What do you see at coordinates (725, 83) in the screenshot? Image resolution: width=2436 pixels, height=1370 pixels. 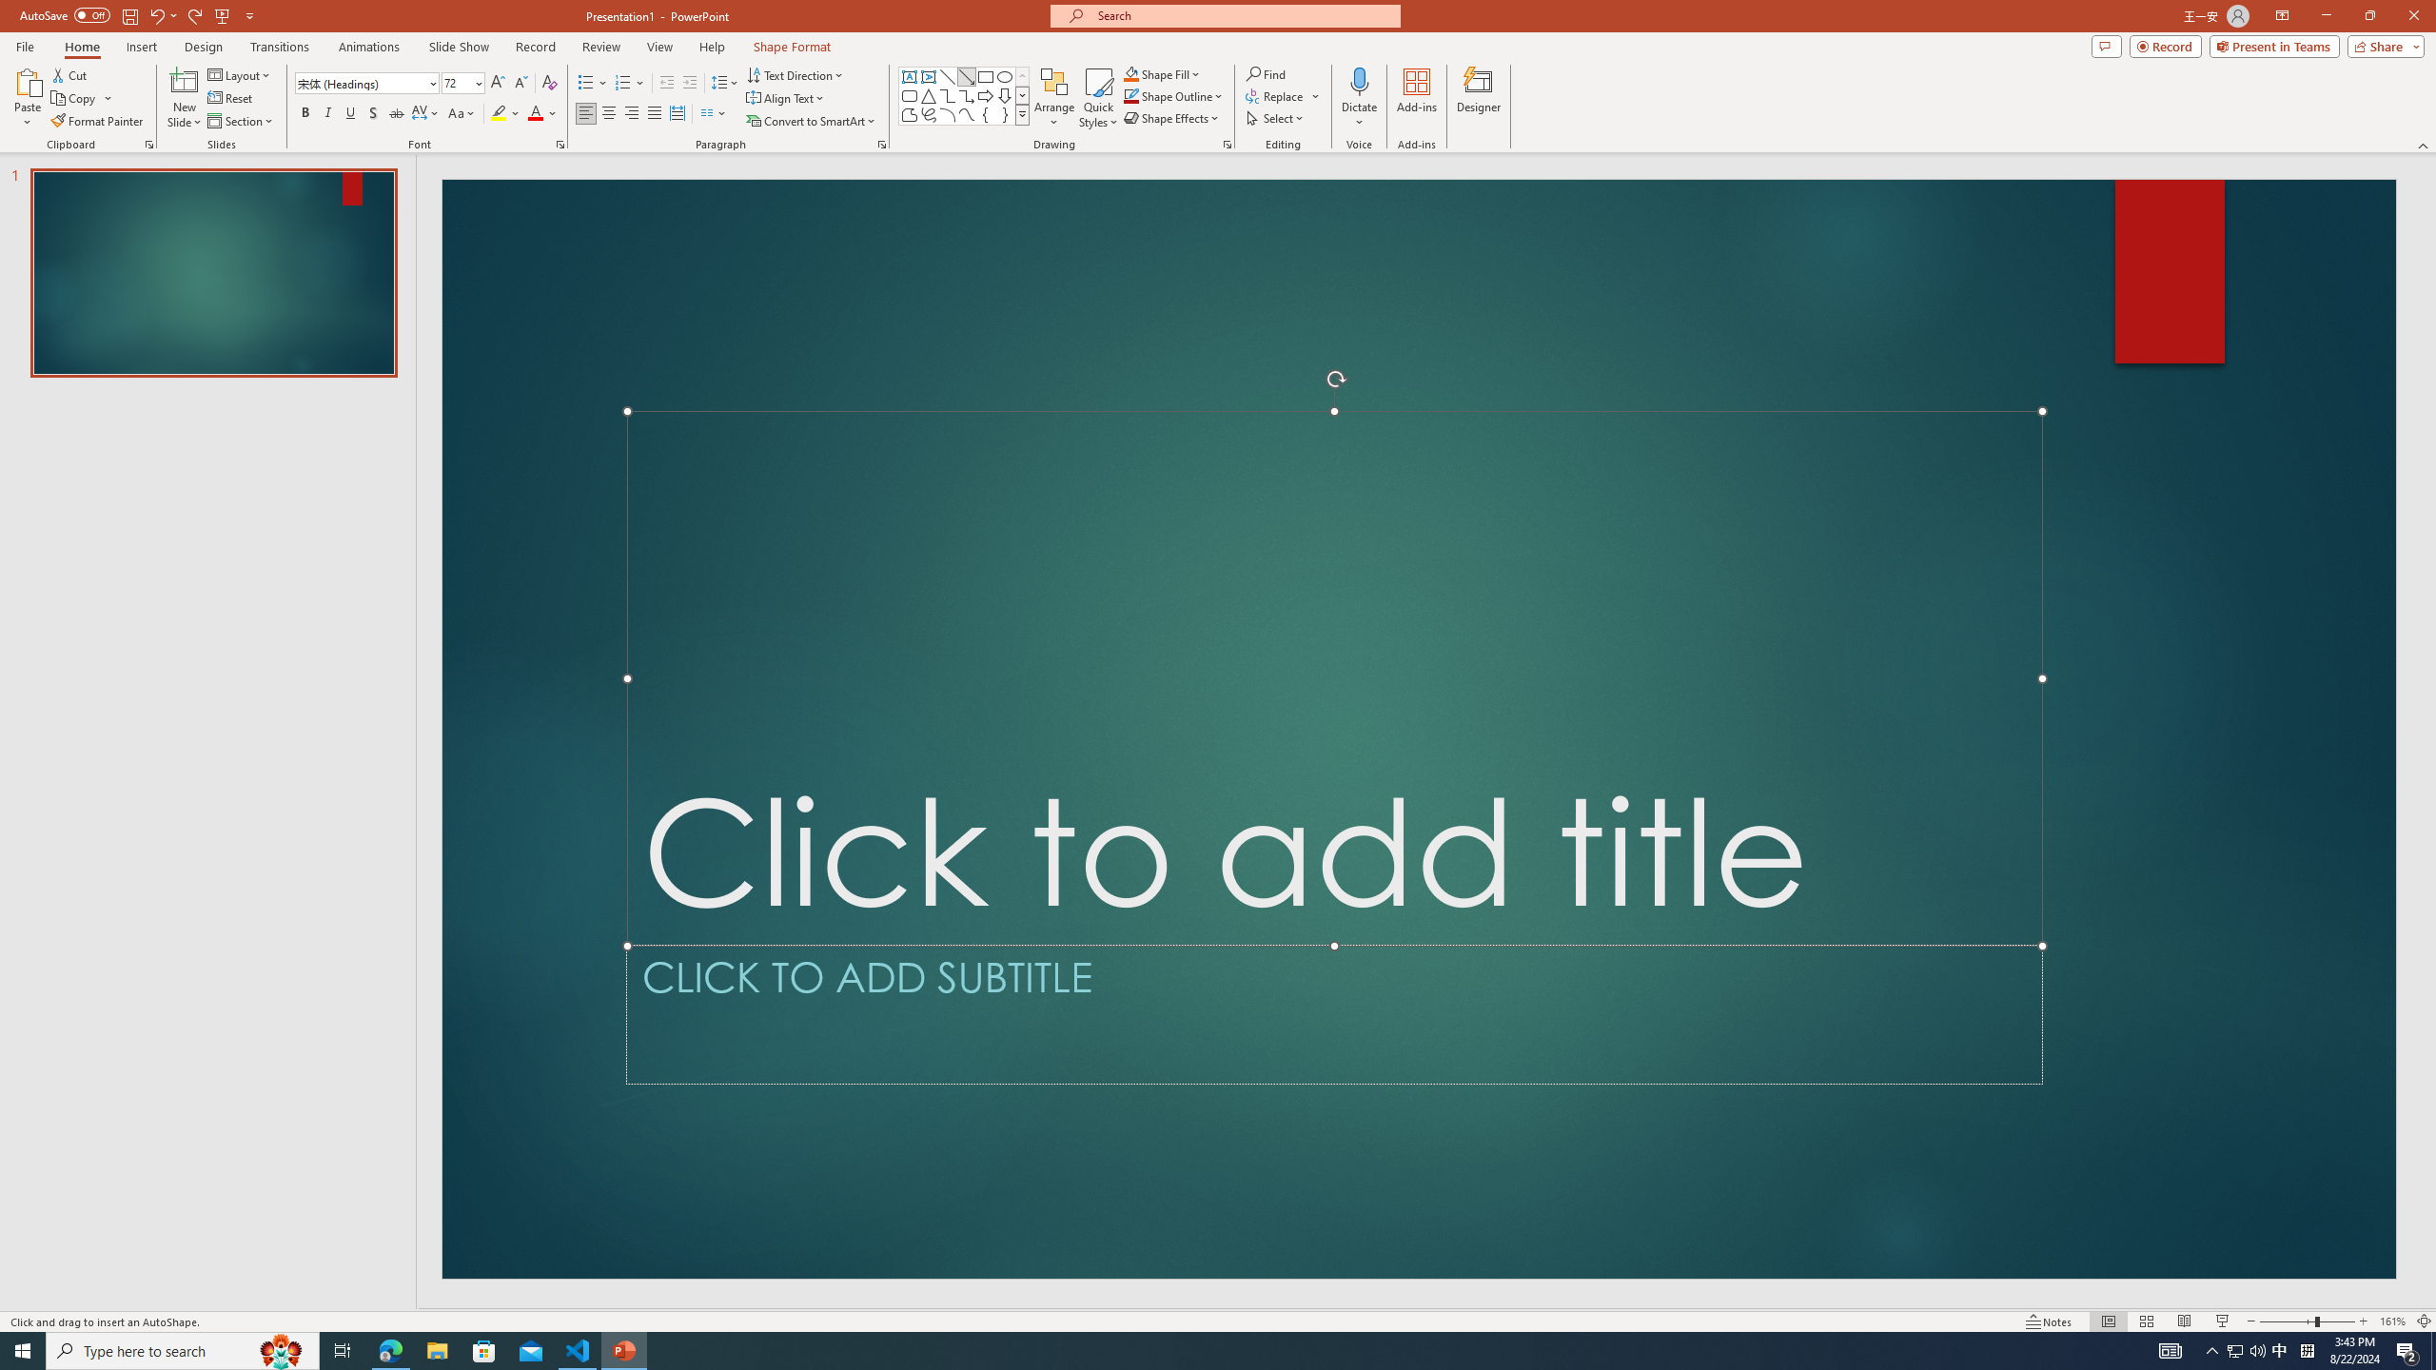 I see `'Line Spacing'` at bounding box center [725, 83].